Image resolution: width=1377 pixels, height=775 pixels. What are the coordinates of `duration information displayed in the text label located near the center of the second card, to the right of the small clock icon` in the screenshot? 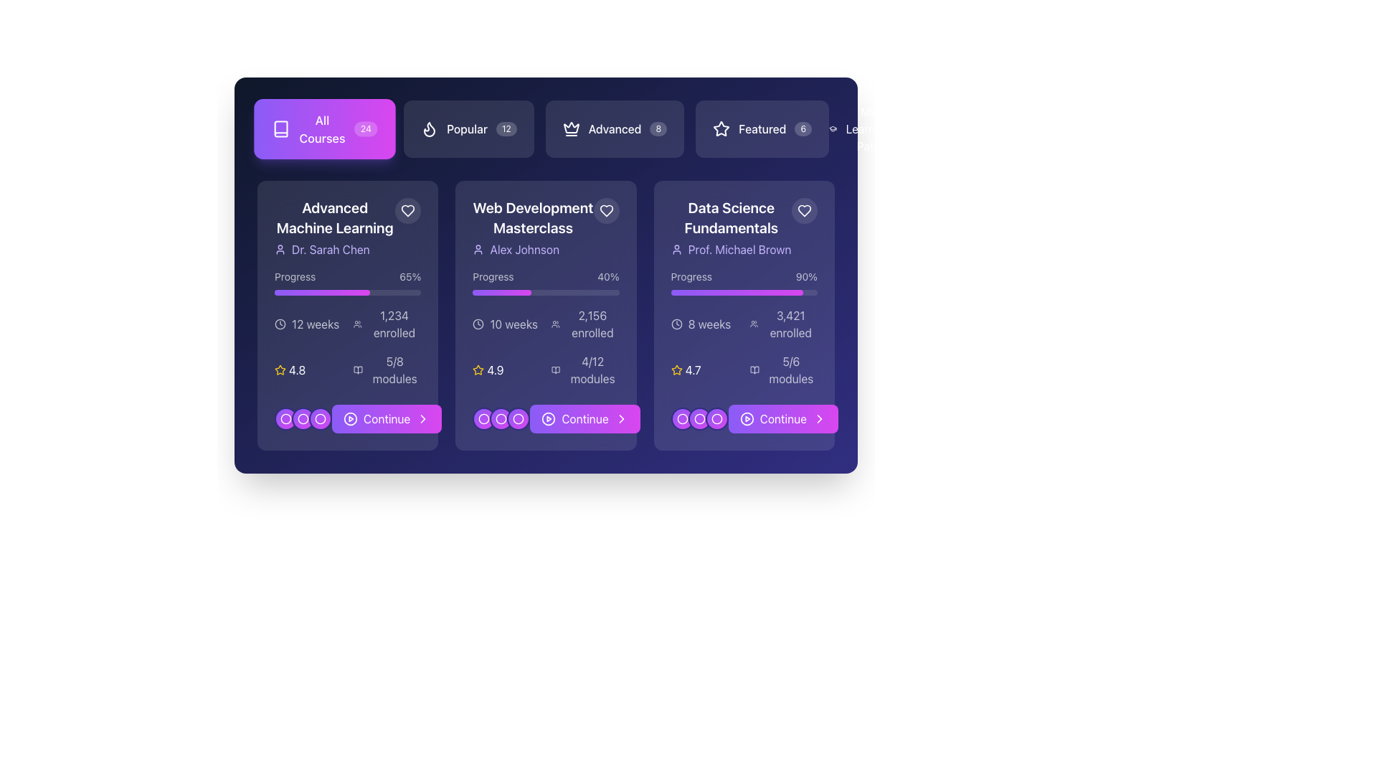 It's located at (514, 324).